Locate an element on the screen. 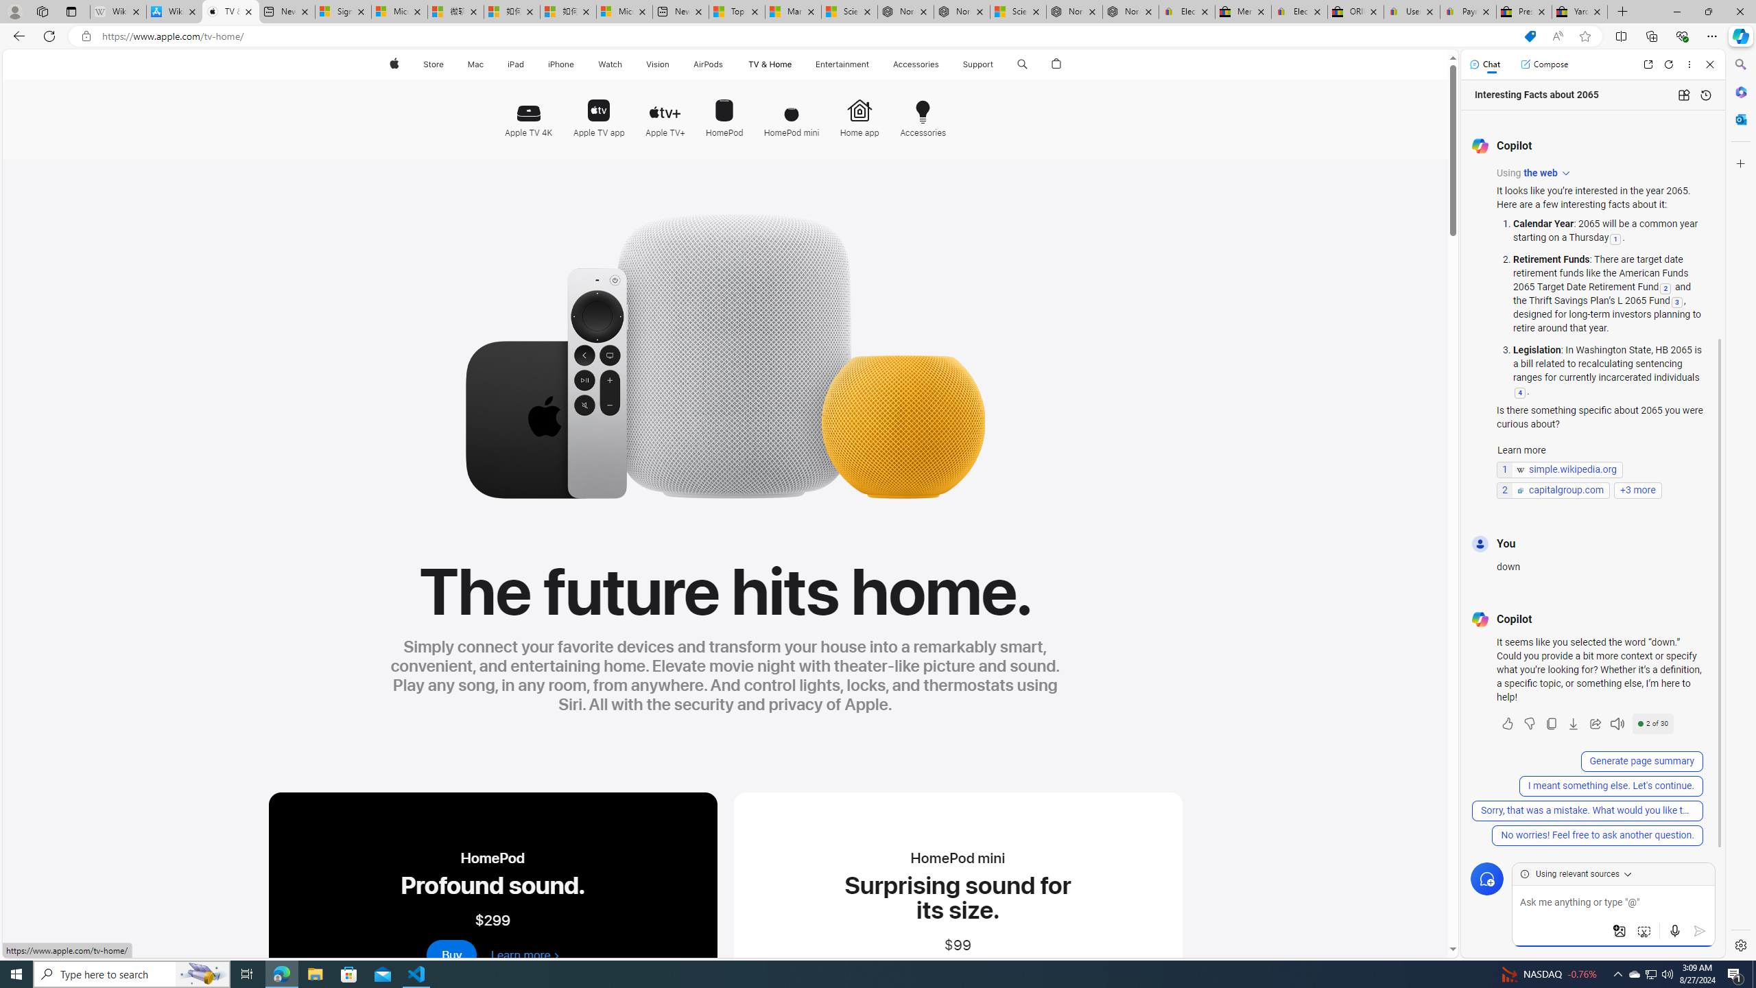 The image size is (1756, 988). 'Vision menu' is located at coordinates (673, 64).